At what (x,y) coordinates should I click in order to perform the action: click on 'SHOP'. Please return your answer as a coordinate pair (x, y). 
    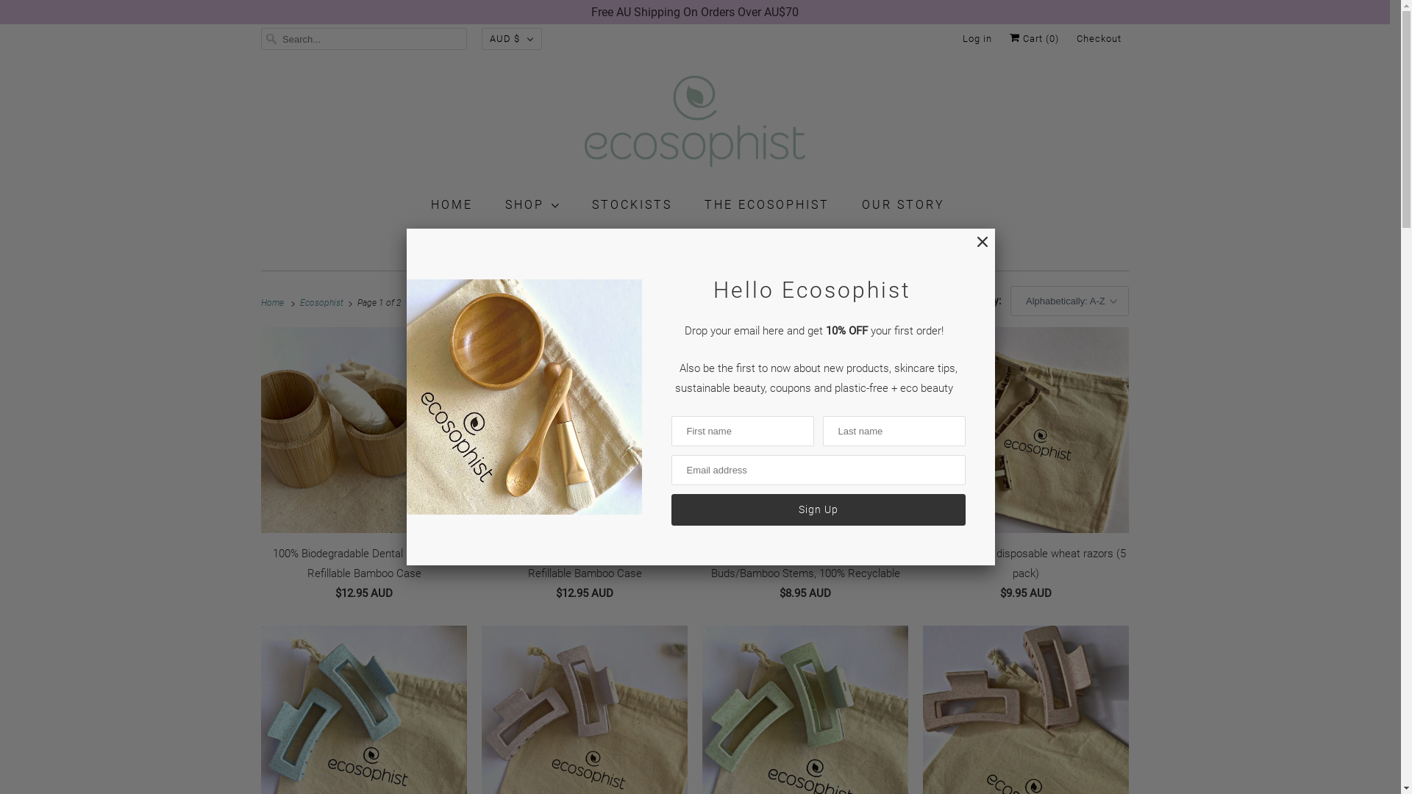
    Looking at the image, I should click on (531, 204).